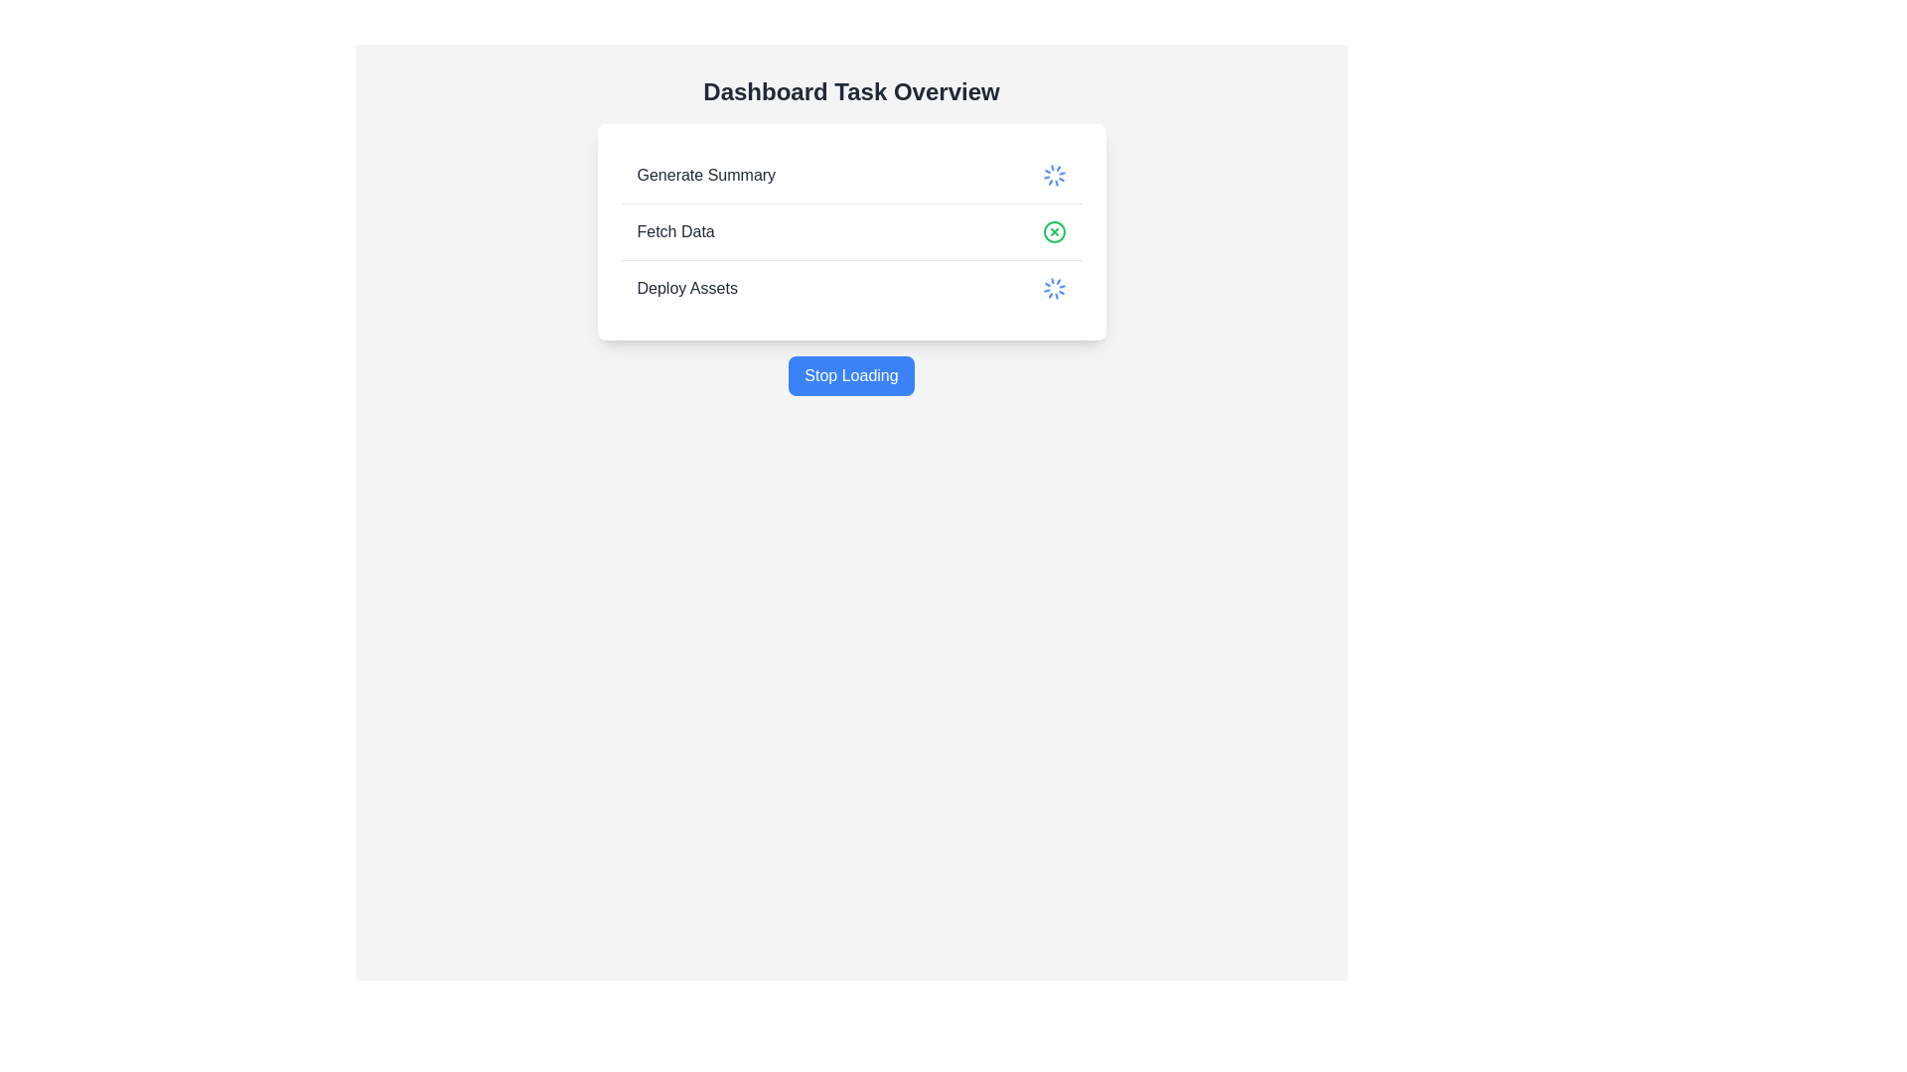  What do you see at coordinates (851, 231) in the screenshot?
I see `the green circular icon with a white 'X' located in the middle row of the card layout, which is the second row indicating the 'Fetch Data' task` at bounding box center [851, 231].